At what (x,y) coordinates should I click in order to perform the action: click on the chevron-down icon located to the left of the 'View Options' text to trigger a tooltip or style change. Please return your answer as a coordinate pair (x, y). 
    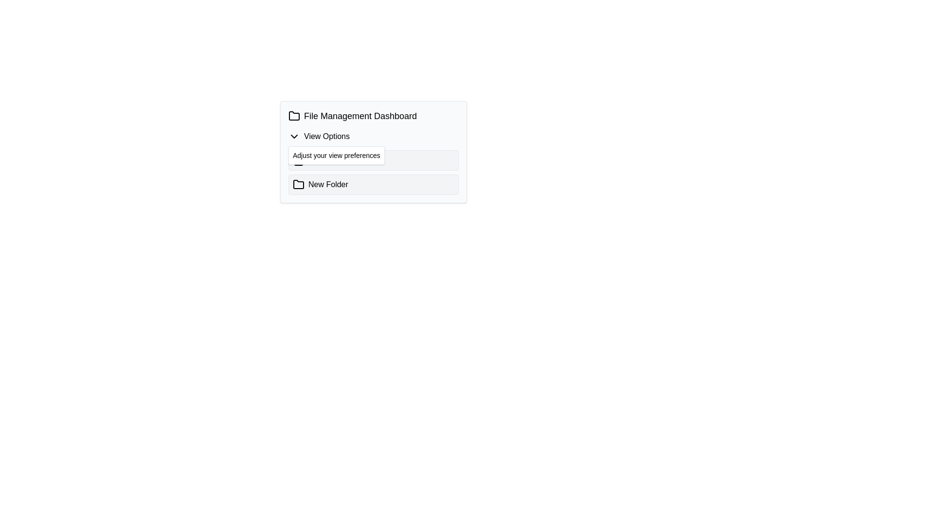
    Looking at the image, I should click on (293, 137).